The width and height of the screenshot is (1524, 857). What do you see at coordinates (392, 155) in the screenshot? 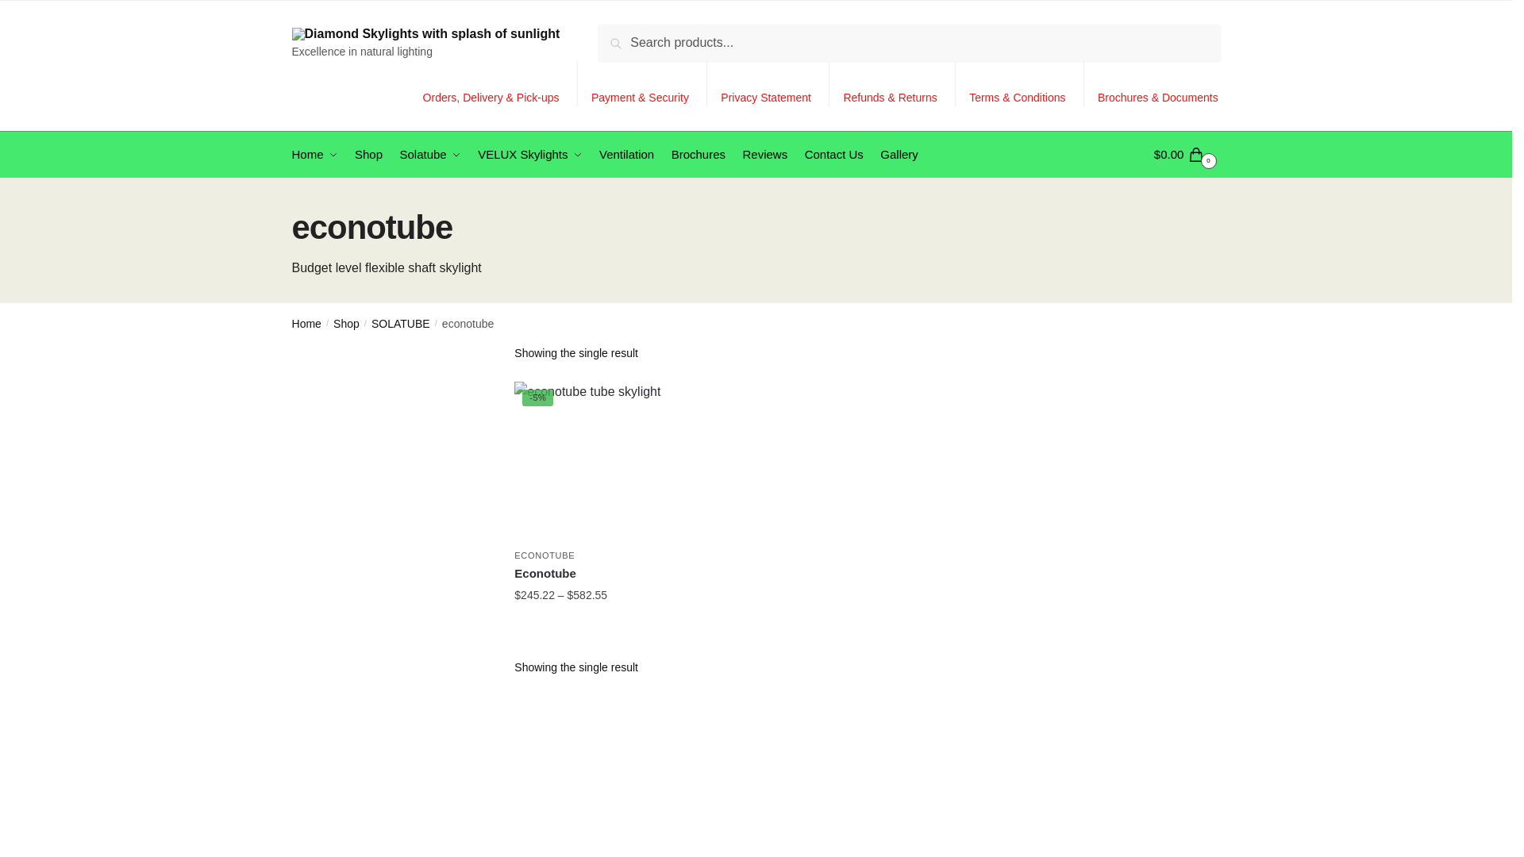
I see `'Solatube'` at bounding box center [392, 155].